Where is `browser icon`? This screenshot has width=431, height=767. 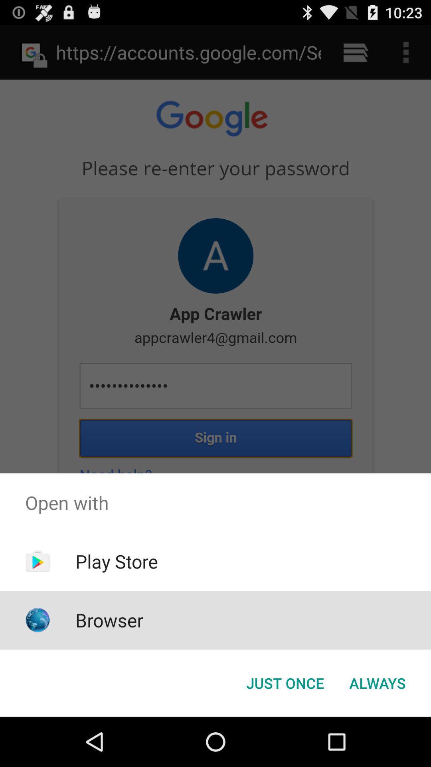 browser icon is located at coordinates (109, 620).